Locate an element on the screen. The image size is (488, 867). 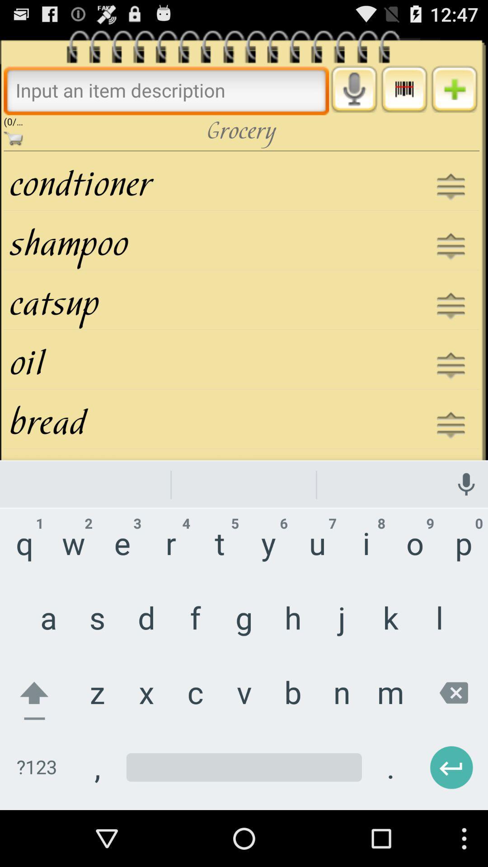
scan opption is located at coordinates (404, 89).